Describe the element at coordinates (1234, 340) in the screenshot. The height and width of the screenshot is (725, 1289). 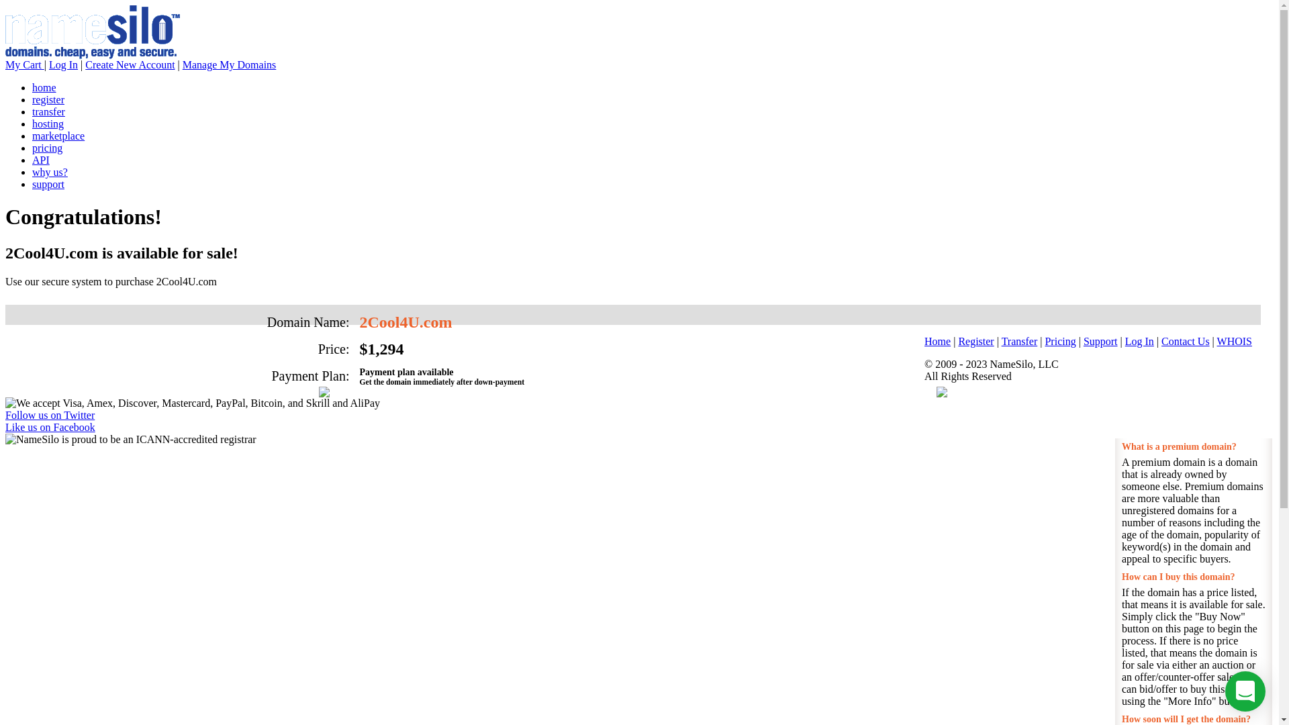
I see `'WHOIS'` at that location.